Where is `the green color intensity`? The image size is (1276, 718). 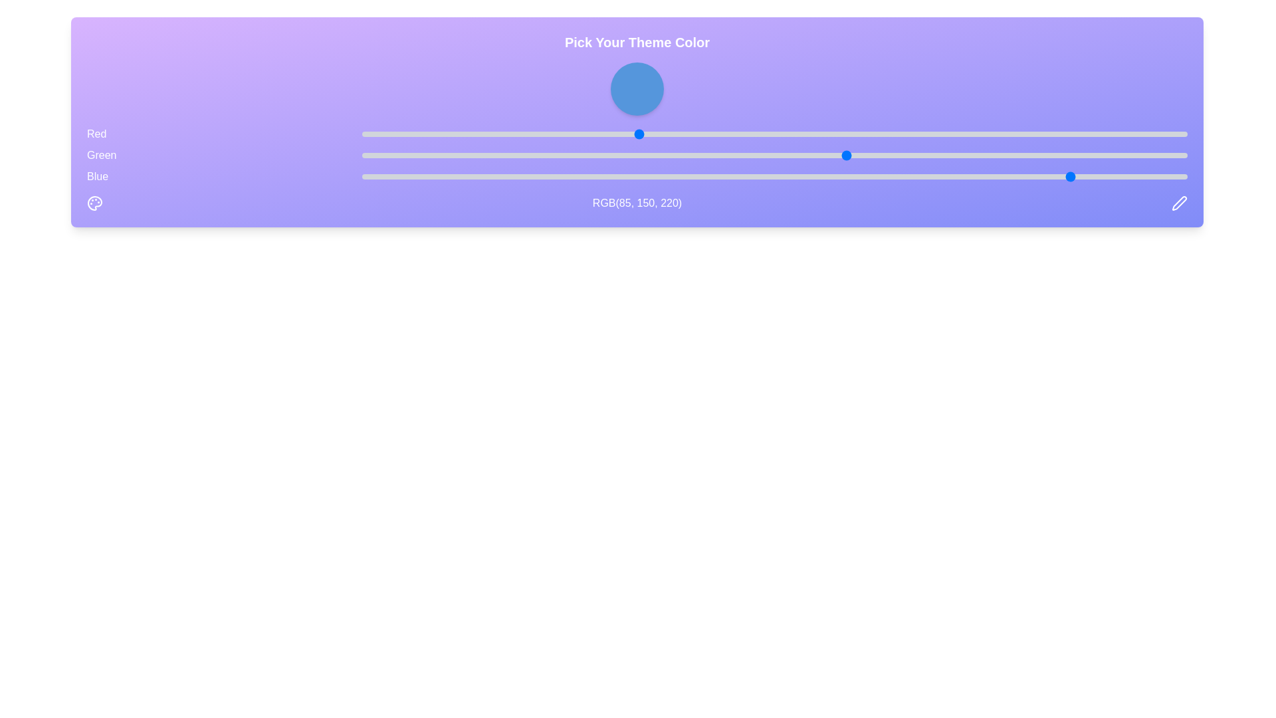
the green color intensity is located at coordinates (393, 155).